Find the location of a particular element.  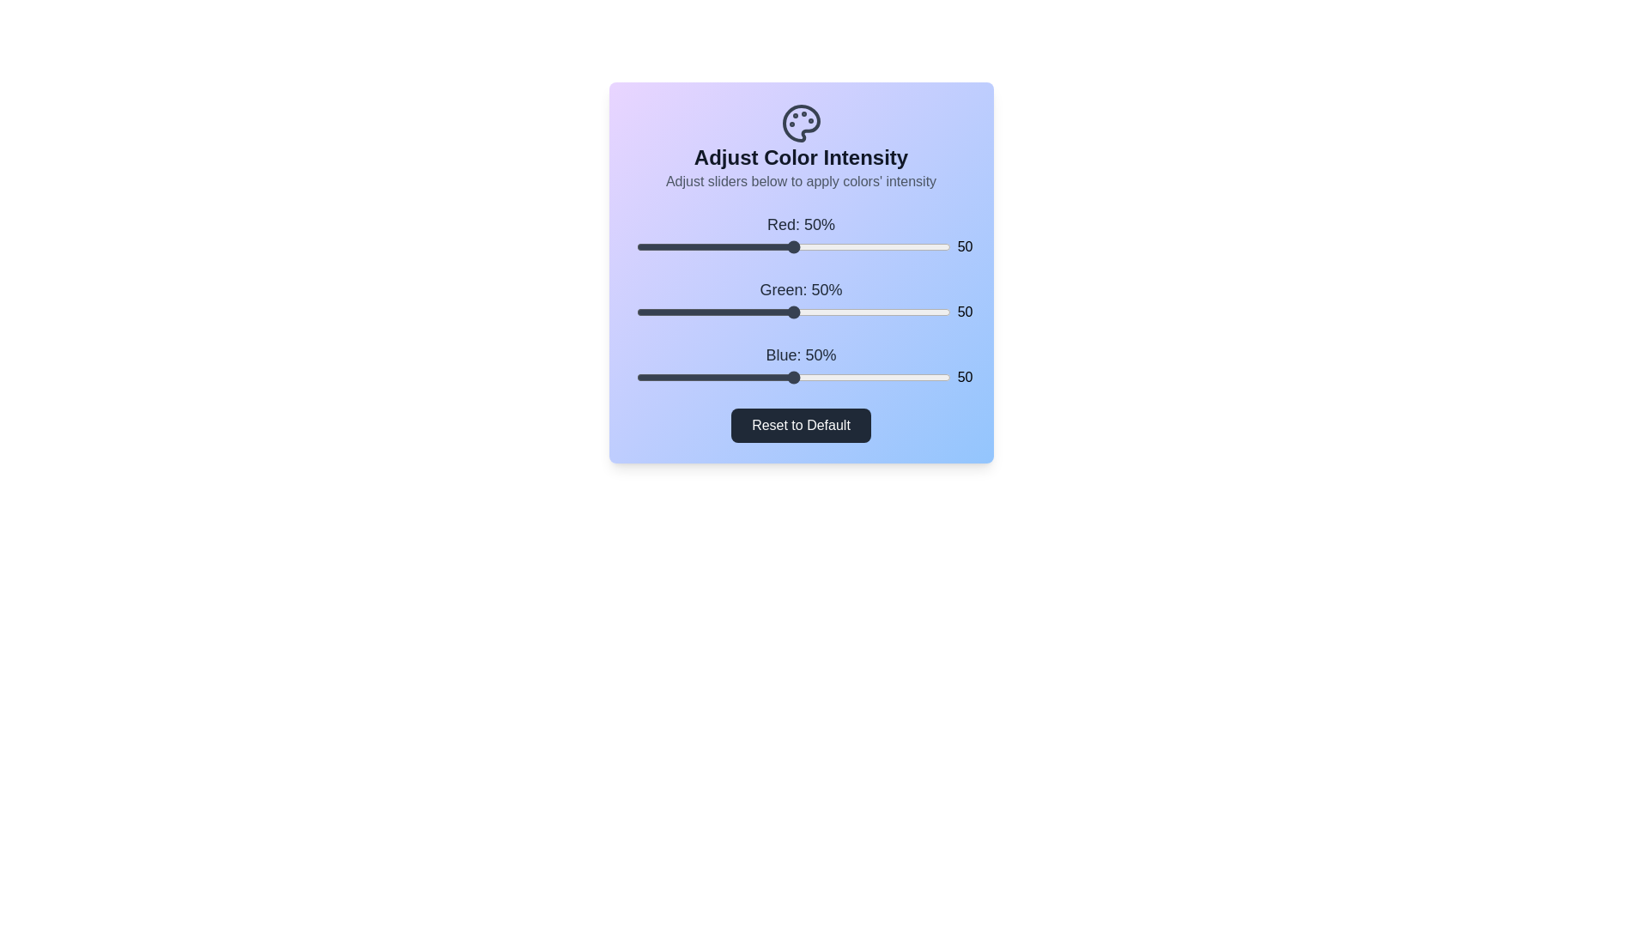

the 0 slider to 5% is located at coordinates (651, 247).